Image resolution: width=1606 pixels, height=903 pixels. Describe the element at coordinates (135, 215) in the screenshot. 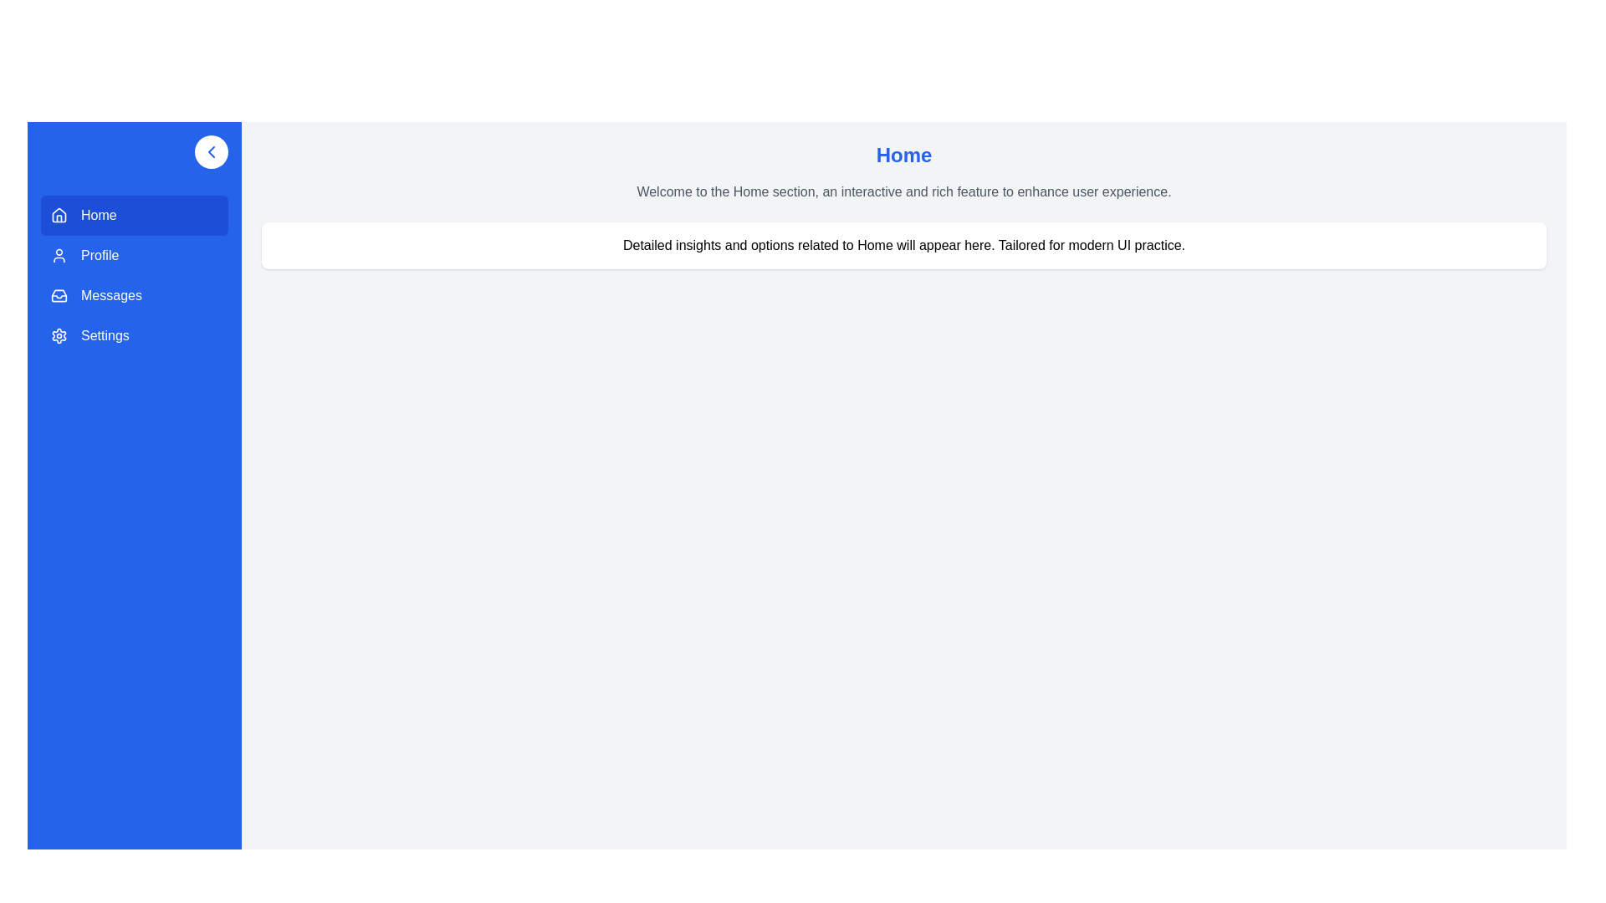

I see `the menu item Home to navigate to its section` at that location.